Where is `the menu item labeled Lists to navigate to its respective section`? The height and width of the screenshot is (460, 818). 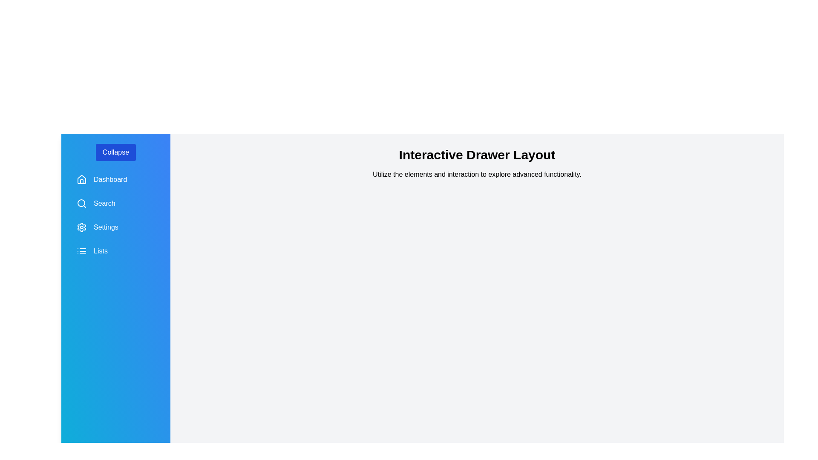
the menu item labeled Lists to navigate to its respective section is located at coordinates (115, 251).